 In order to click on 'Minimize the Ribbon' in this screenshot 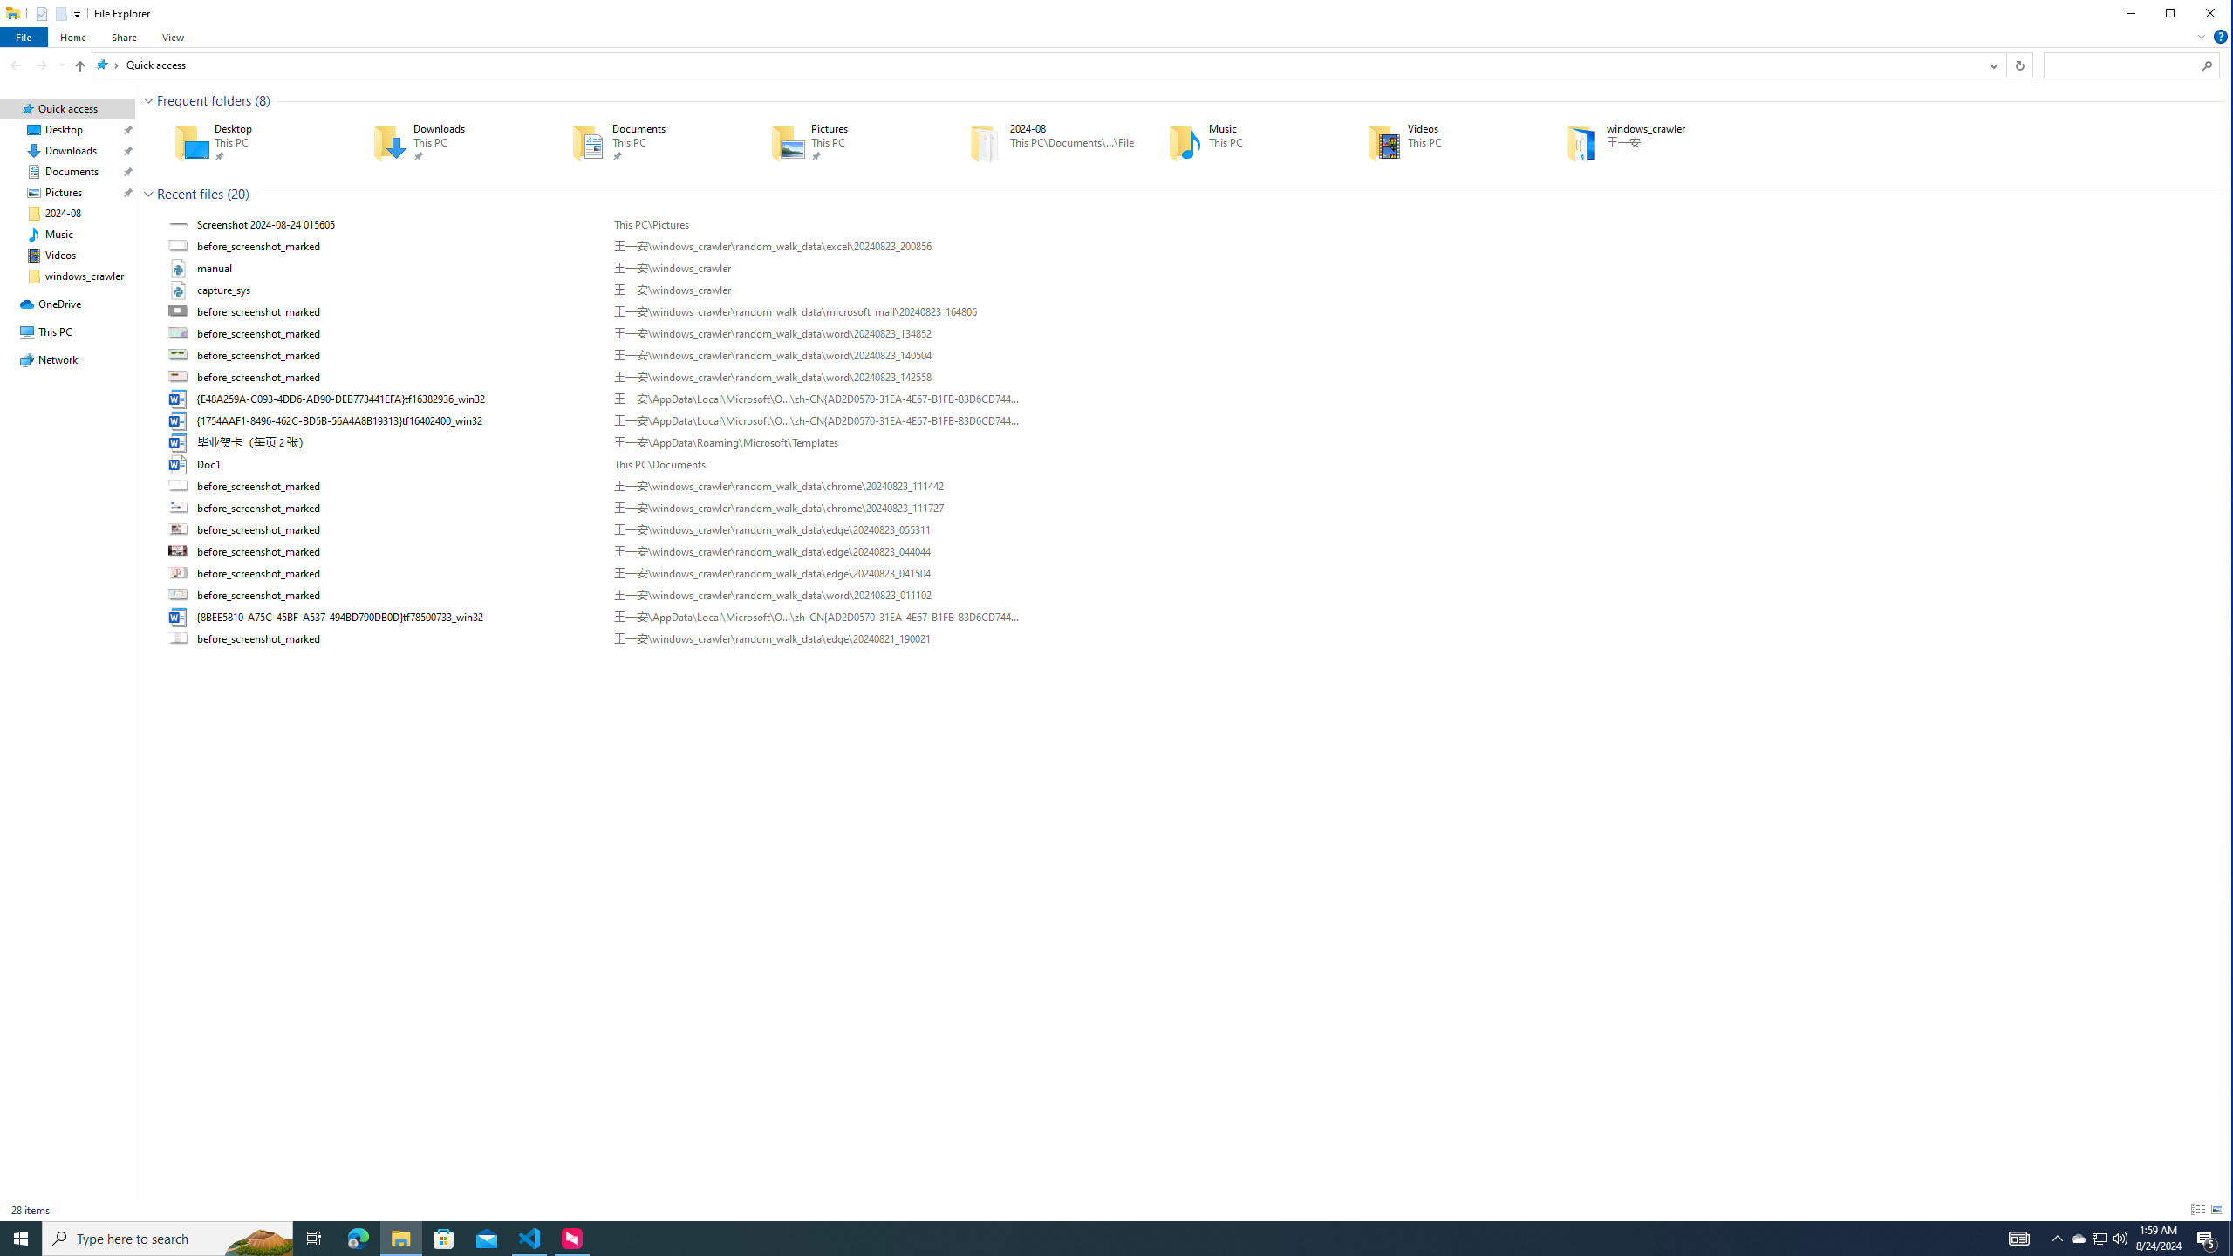, I will do `click(2201, 37)`.